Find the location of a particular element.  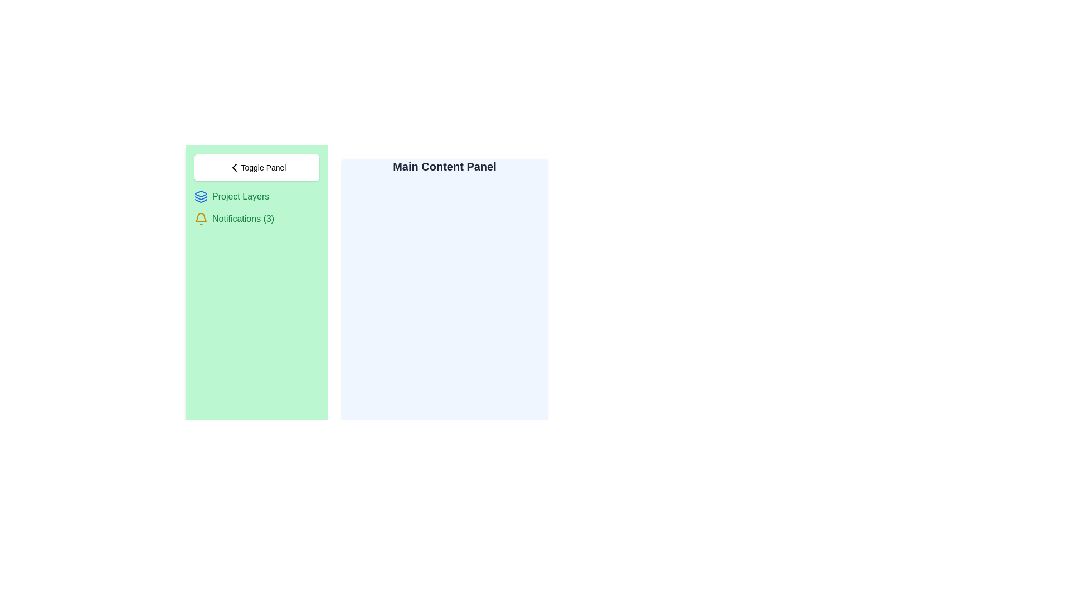

the 'Notifications (3)' text label with green text is located at coordinates (242, 219).